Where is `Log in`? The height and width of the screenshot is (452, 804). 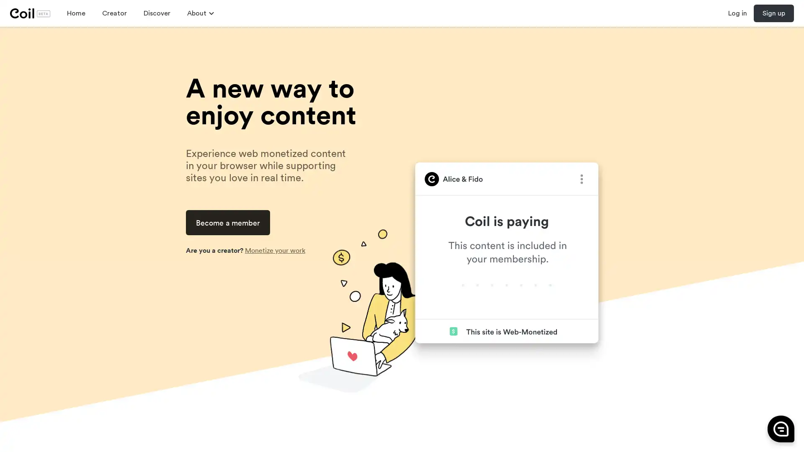
Log in is located at coordinates (737, 13).